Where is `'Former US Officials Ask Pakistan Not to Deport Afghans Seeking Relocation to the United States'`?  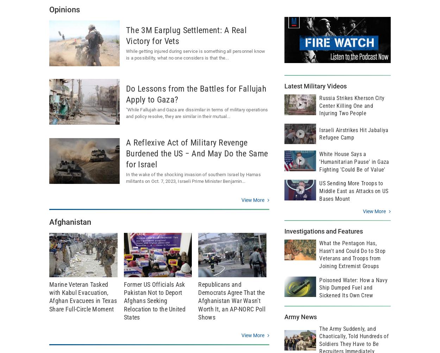 'Former US Officials Ask Pakistan Not to Deport Afghans Seeking Relocation to the United States' is located at coordinates (154, 301).